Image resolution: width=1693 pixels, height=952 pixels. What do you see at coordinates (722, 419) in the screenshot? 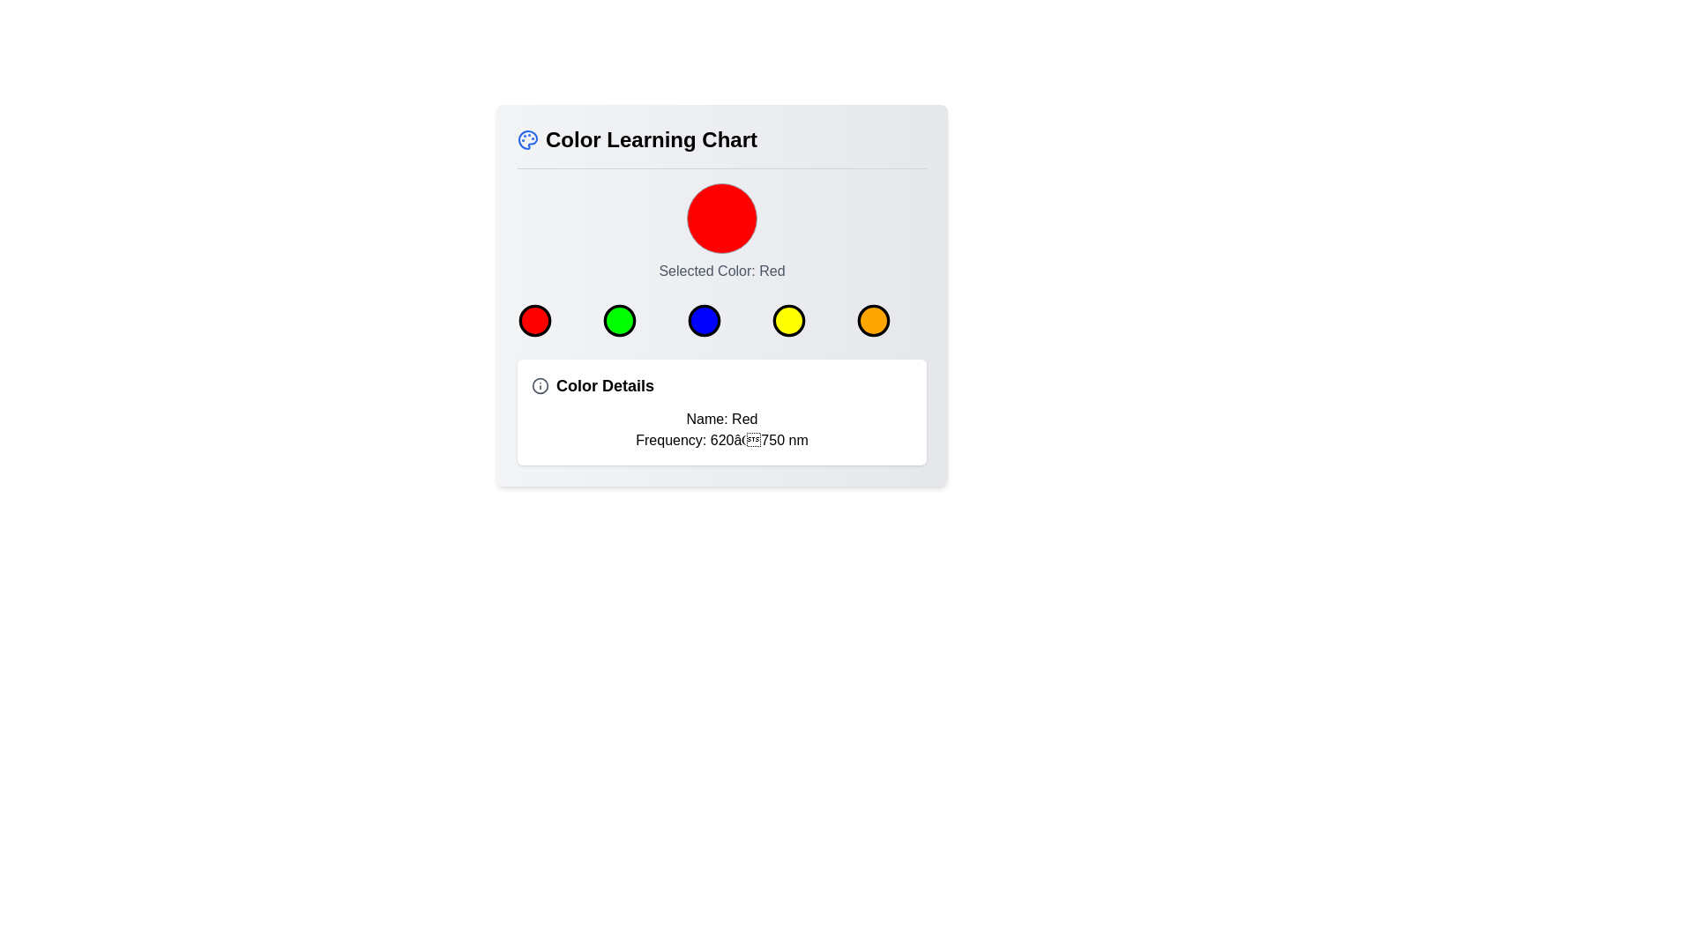
I see `the Text label that displays the name of the currently selected color, located in the 'Color Details' section below the color buttons` at bounding box center [722, 419].